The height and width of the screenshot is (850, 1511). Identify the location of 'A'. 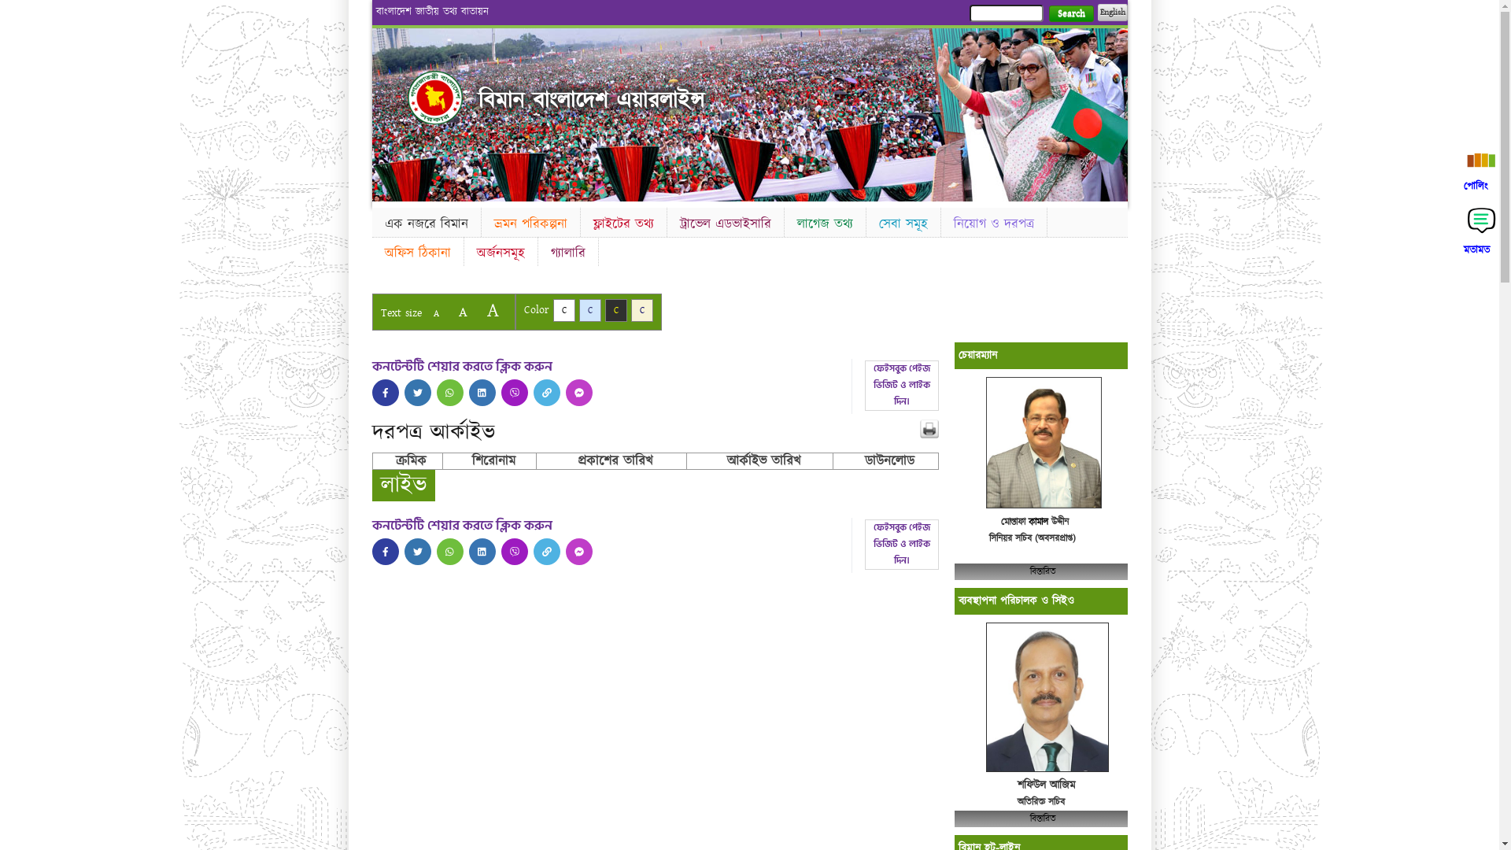
(478, 310).